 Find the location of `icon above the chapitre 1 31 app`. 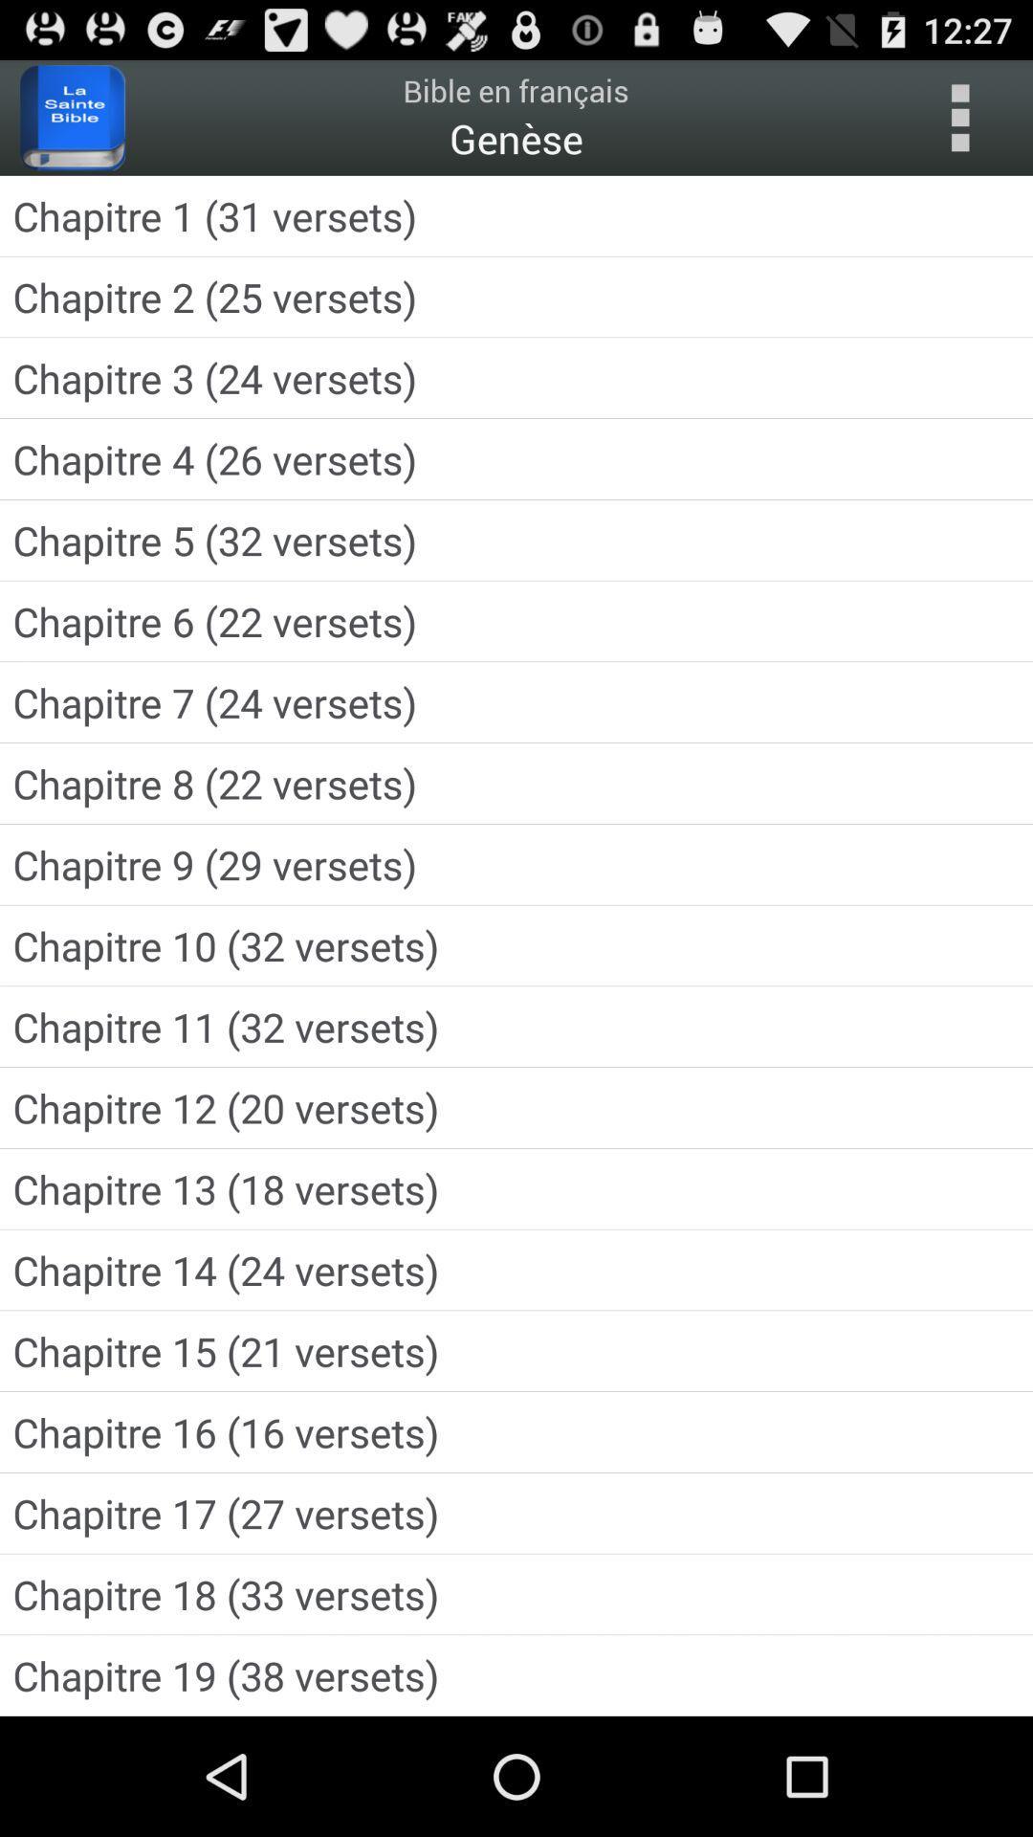

icon above the chapitre 1 31 app is located at coordinates (959, 117).